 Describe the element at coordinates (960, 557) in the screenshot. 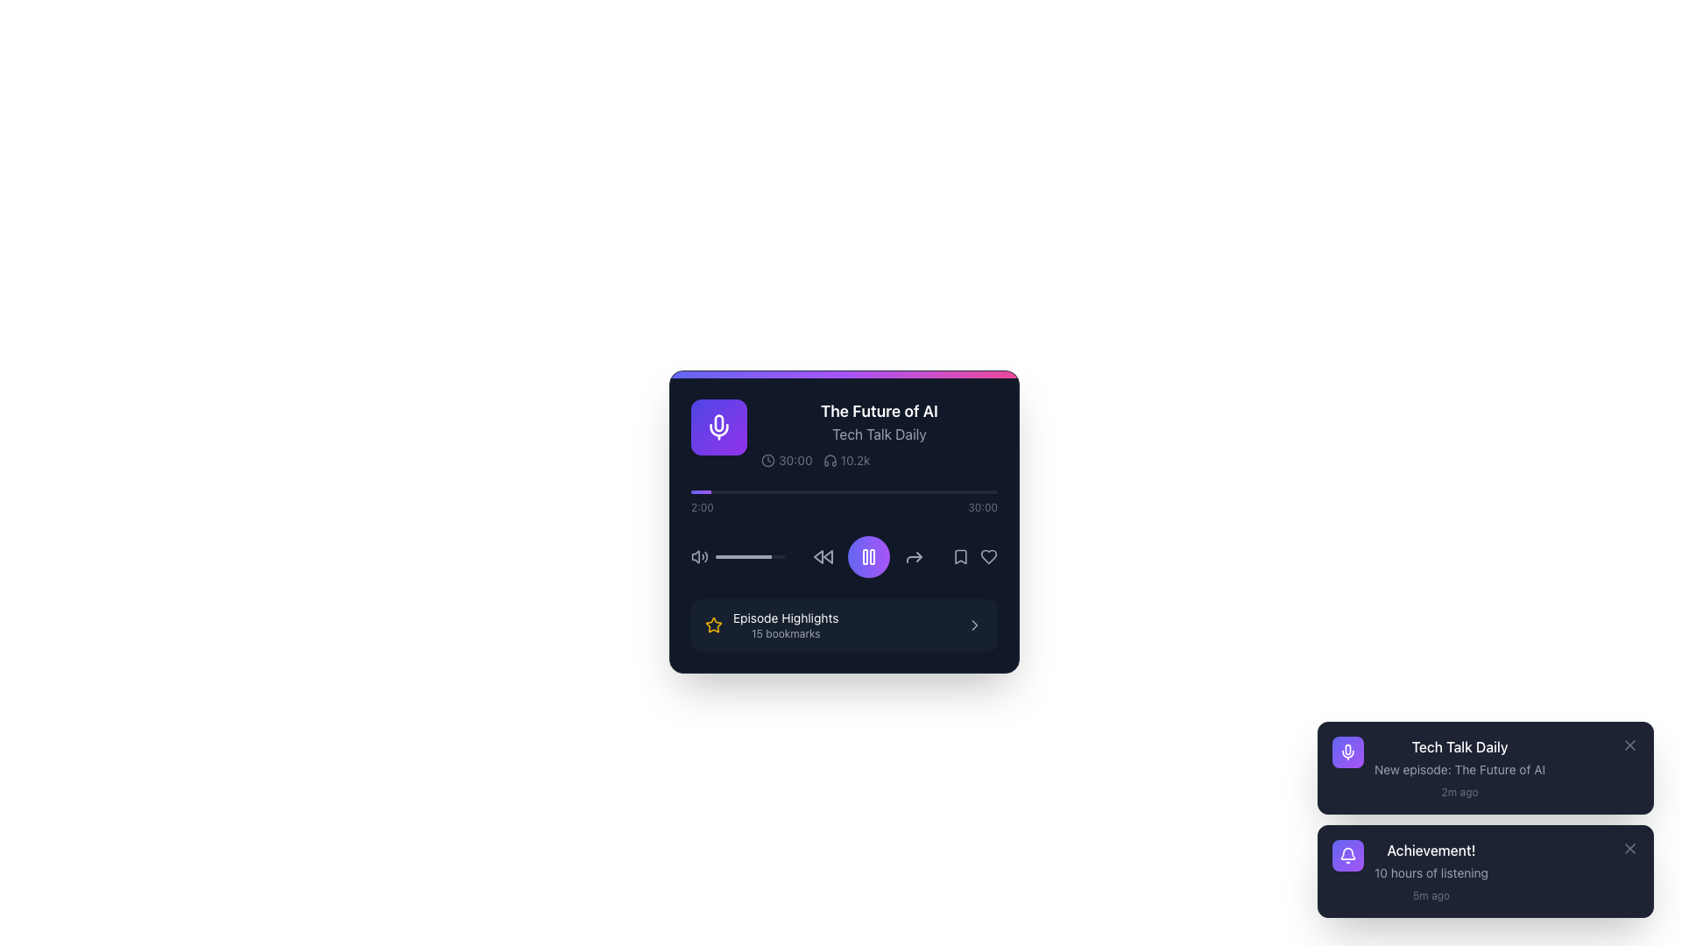

I see `the bookmark-shaped icon located at the bottom-right of the primary content card, which has a notable angular design and is aligned with other icons like a heart and share icon` at that location.